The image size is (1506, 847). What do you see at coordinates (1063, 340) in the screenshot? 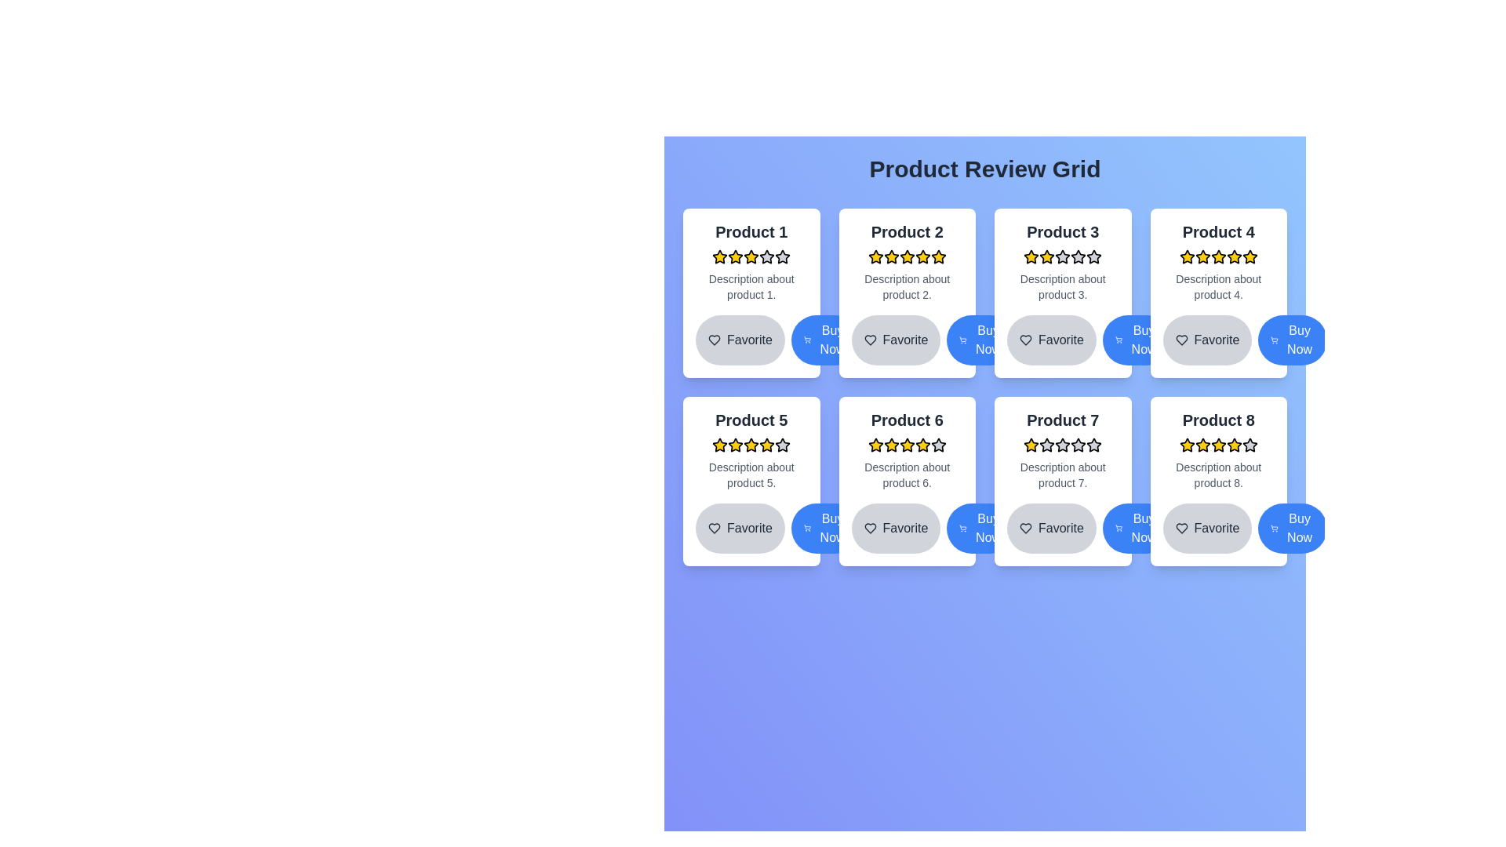
I see `the favorite button for 'Product 3', located at the center coordinates of the first button in the card, to trigger the hover effect` at bounding box center [1063, 340].